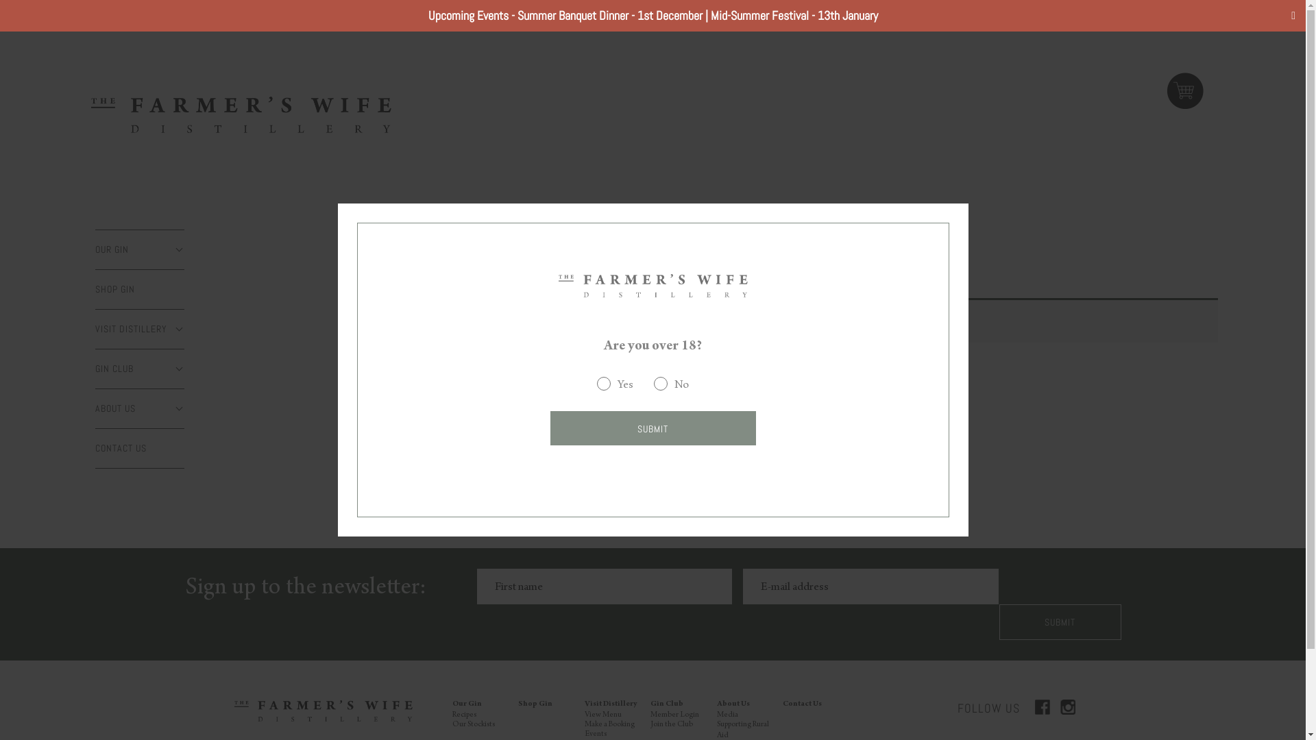 This screenshot has width=1316, height=740. Describe the element at coordinates (467, 704) in the screenshot. I see `'Our Gin'` at that location.